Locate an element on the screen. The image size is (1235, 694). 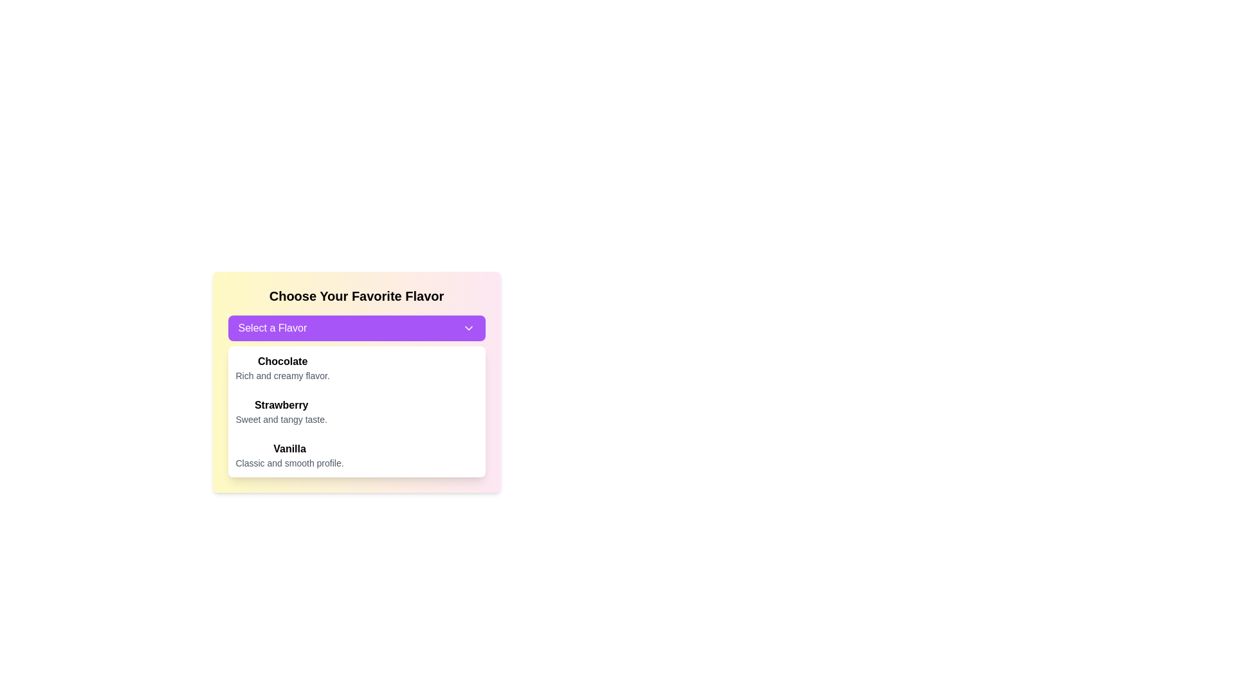
the 'Vanilla' option in the list of flavors under 'Choose Your Favorite Flavor' is located at coordinates (356, 455).